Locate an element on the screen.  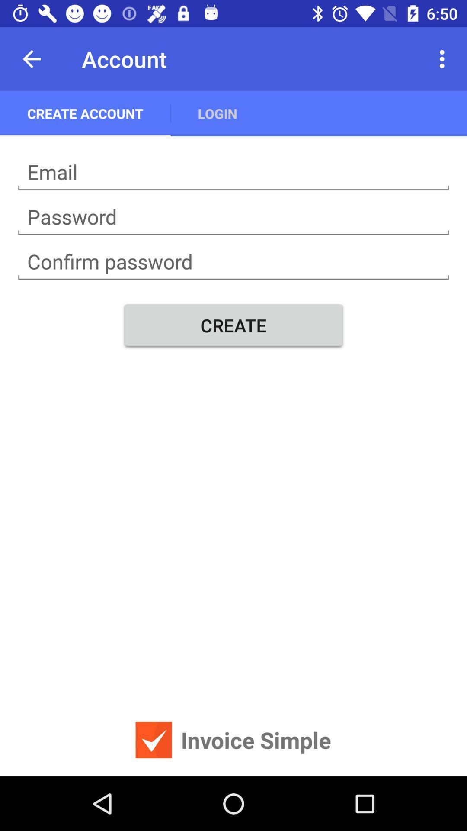
item next to the login icon is located at coordinates (85, 113).